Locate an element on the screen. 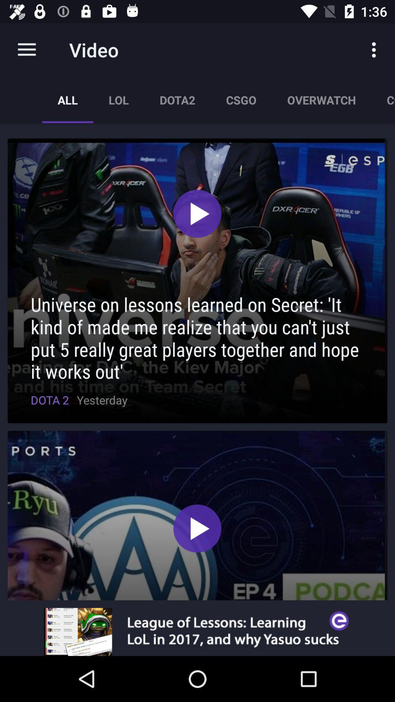 This screenshot has height=702, width=395. visit advertiser is located at coordinates (197, 631).